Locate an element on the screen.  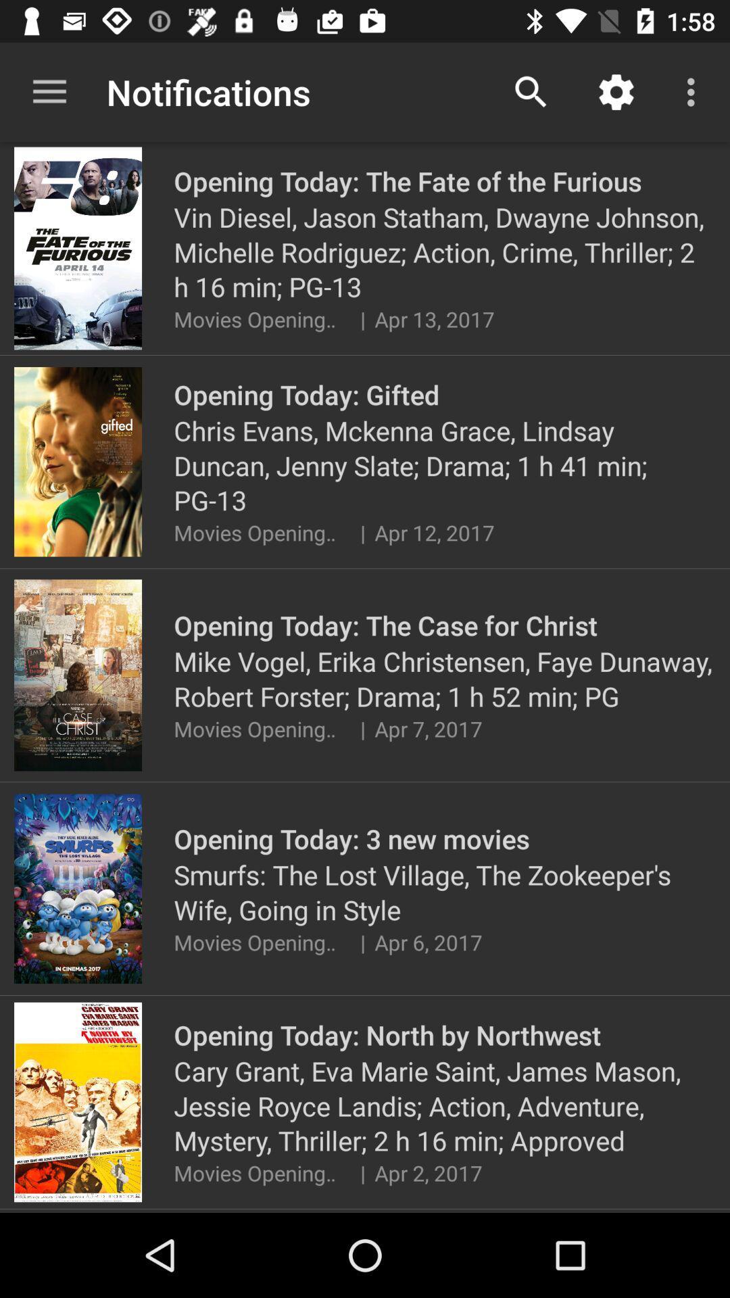
| item is located at coordinates (362, 318).